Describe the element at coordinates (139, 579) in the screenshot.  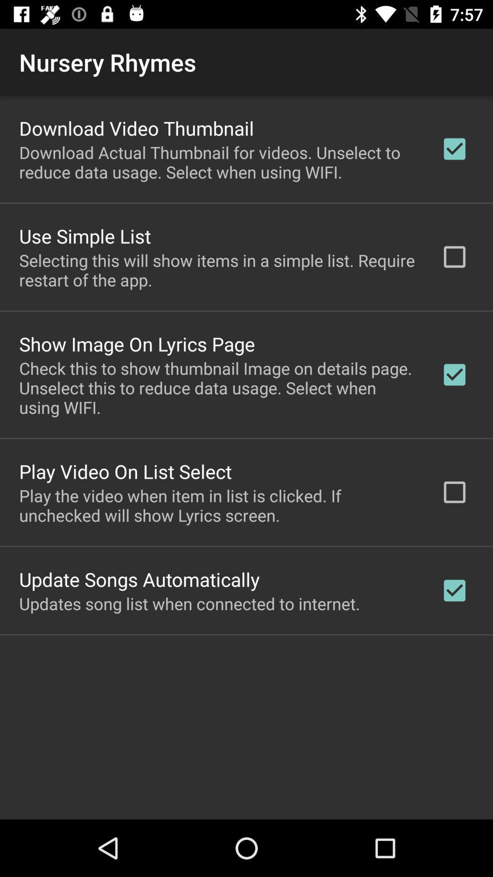
I see `item below the play the video icon` at that location.